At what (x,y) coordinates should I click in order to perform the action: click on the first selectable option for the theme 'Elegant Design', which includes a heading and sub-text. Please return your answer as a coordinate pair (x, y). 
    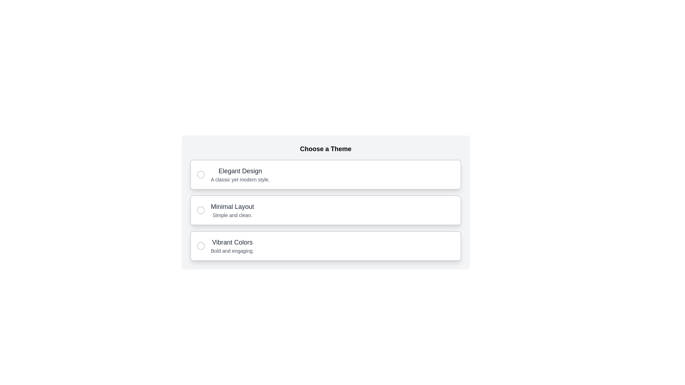
    Looking at the image, I should click on (240, 174).